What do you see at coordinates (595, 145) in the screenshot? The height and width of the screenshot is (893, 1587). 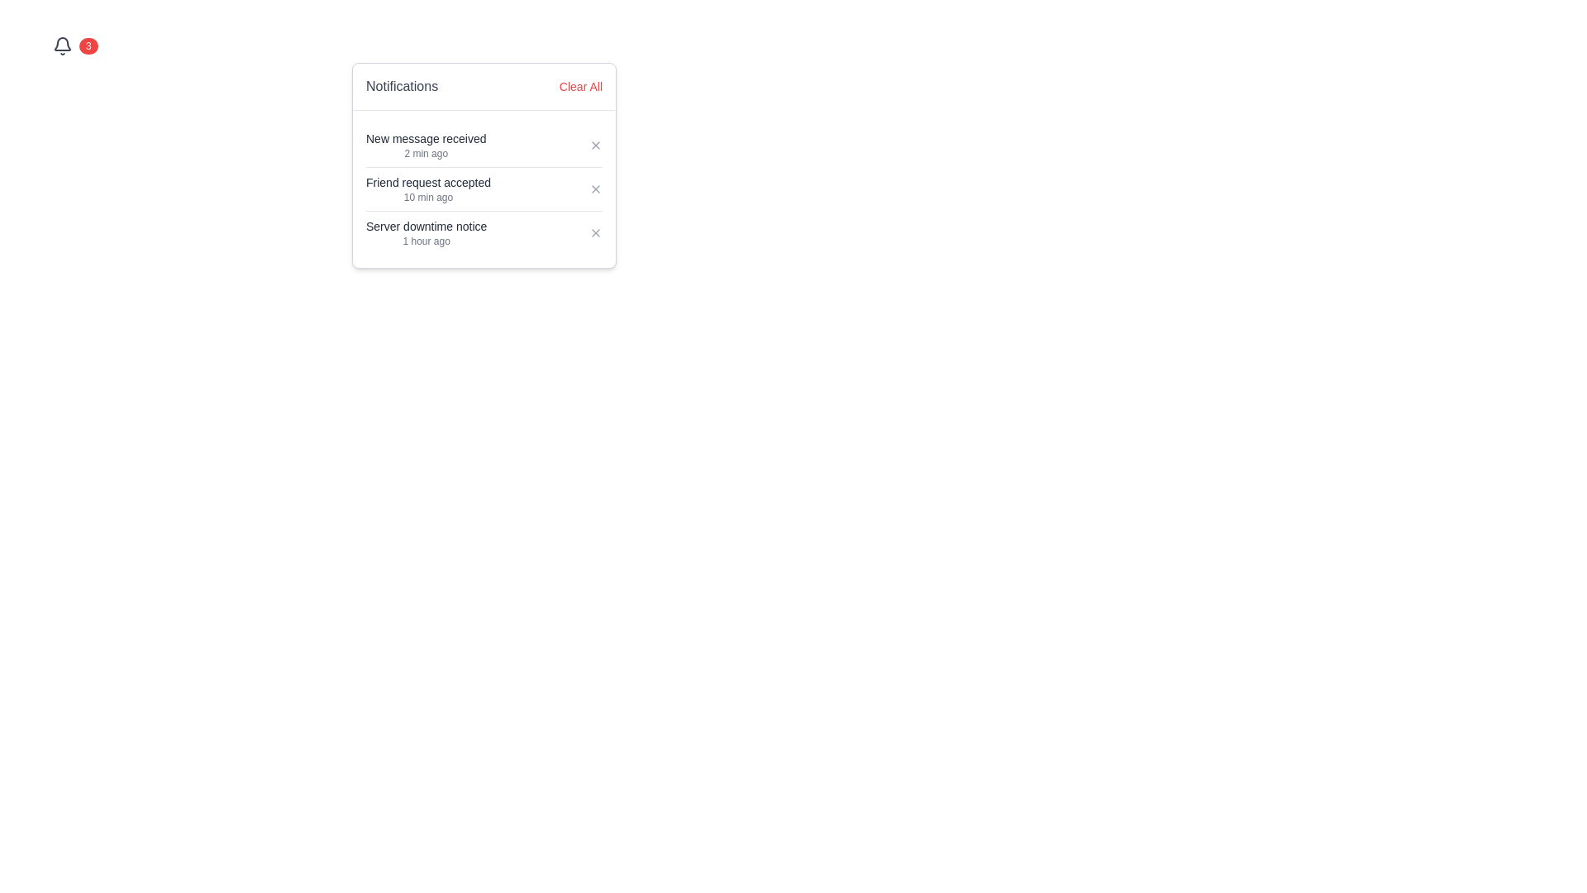 I see `the close button represented by a gray X symbol located to the right of the 'New message received' text within the topmost notification entry in the notifications dropdown` at bounding box center [595, 145].